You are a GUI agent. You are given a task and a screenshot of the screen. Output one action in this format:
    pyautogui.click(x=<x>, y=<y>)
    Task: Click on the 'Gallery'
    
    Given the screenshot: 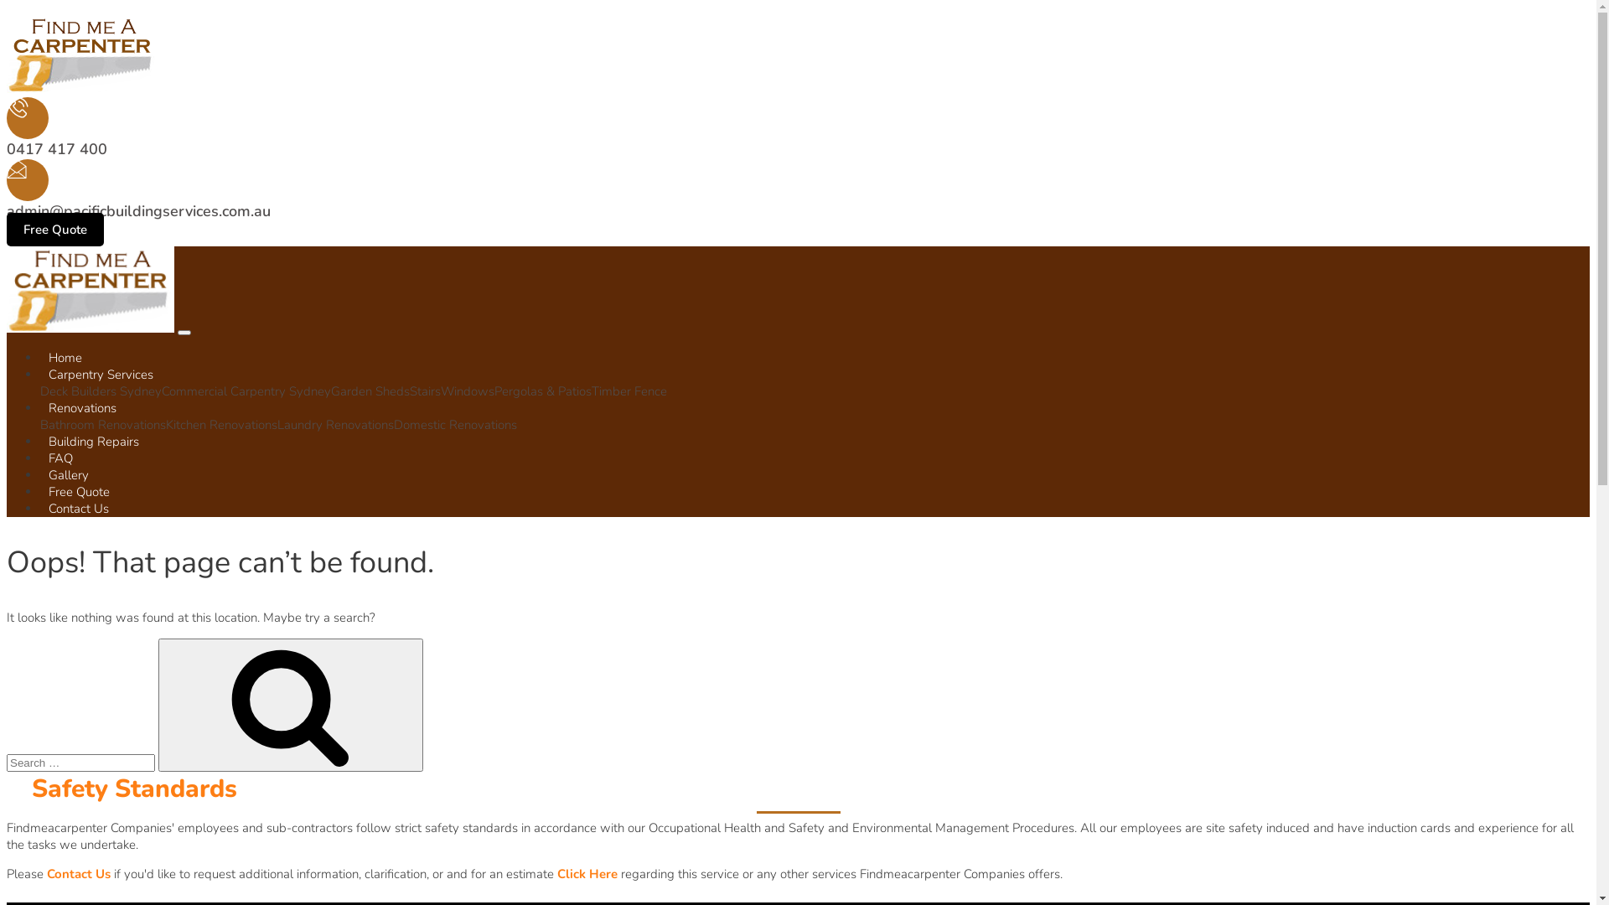 What is the action you would take?
    pyautogui.click(x=67, y=475)
    